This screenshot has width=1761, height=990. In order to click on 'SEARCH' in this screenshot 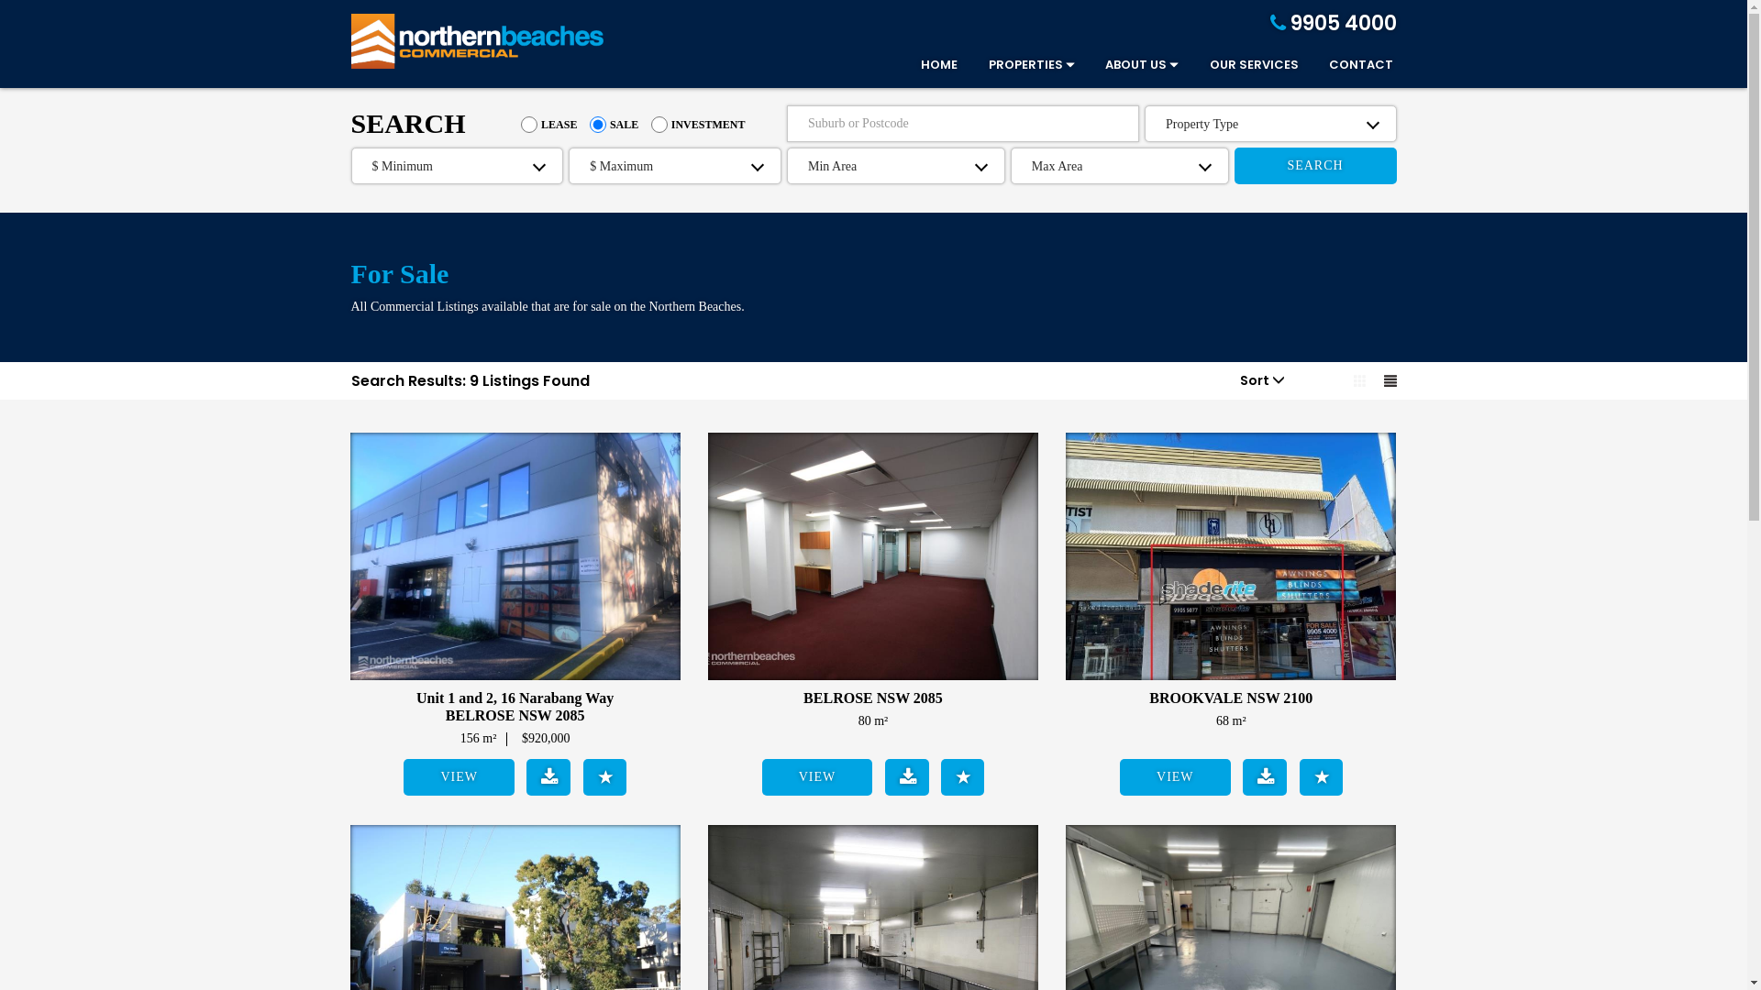, I will do `click(1314, 166)`.